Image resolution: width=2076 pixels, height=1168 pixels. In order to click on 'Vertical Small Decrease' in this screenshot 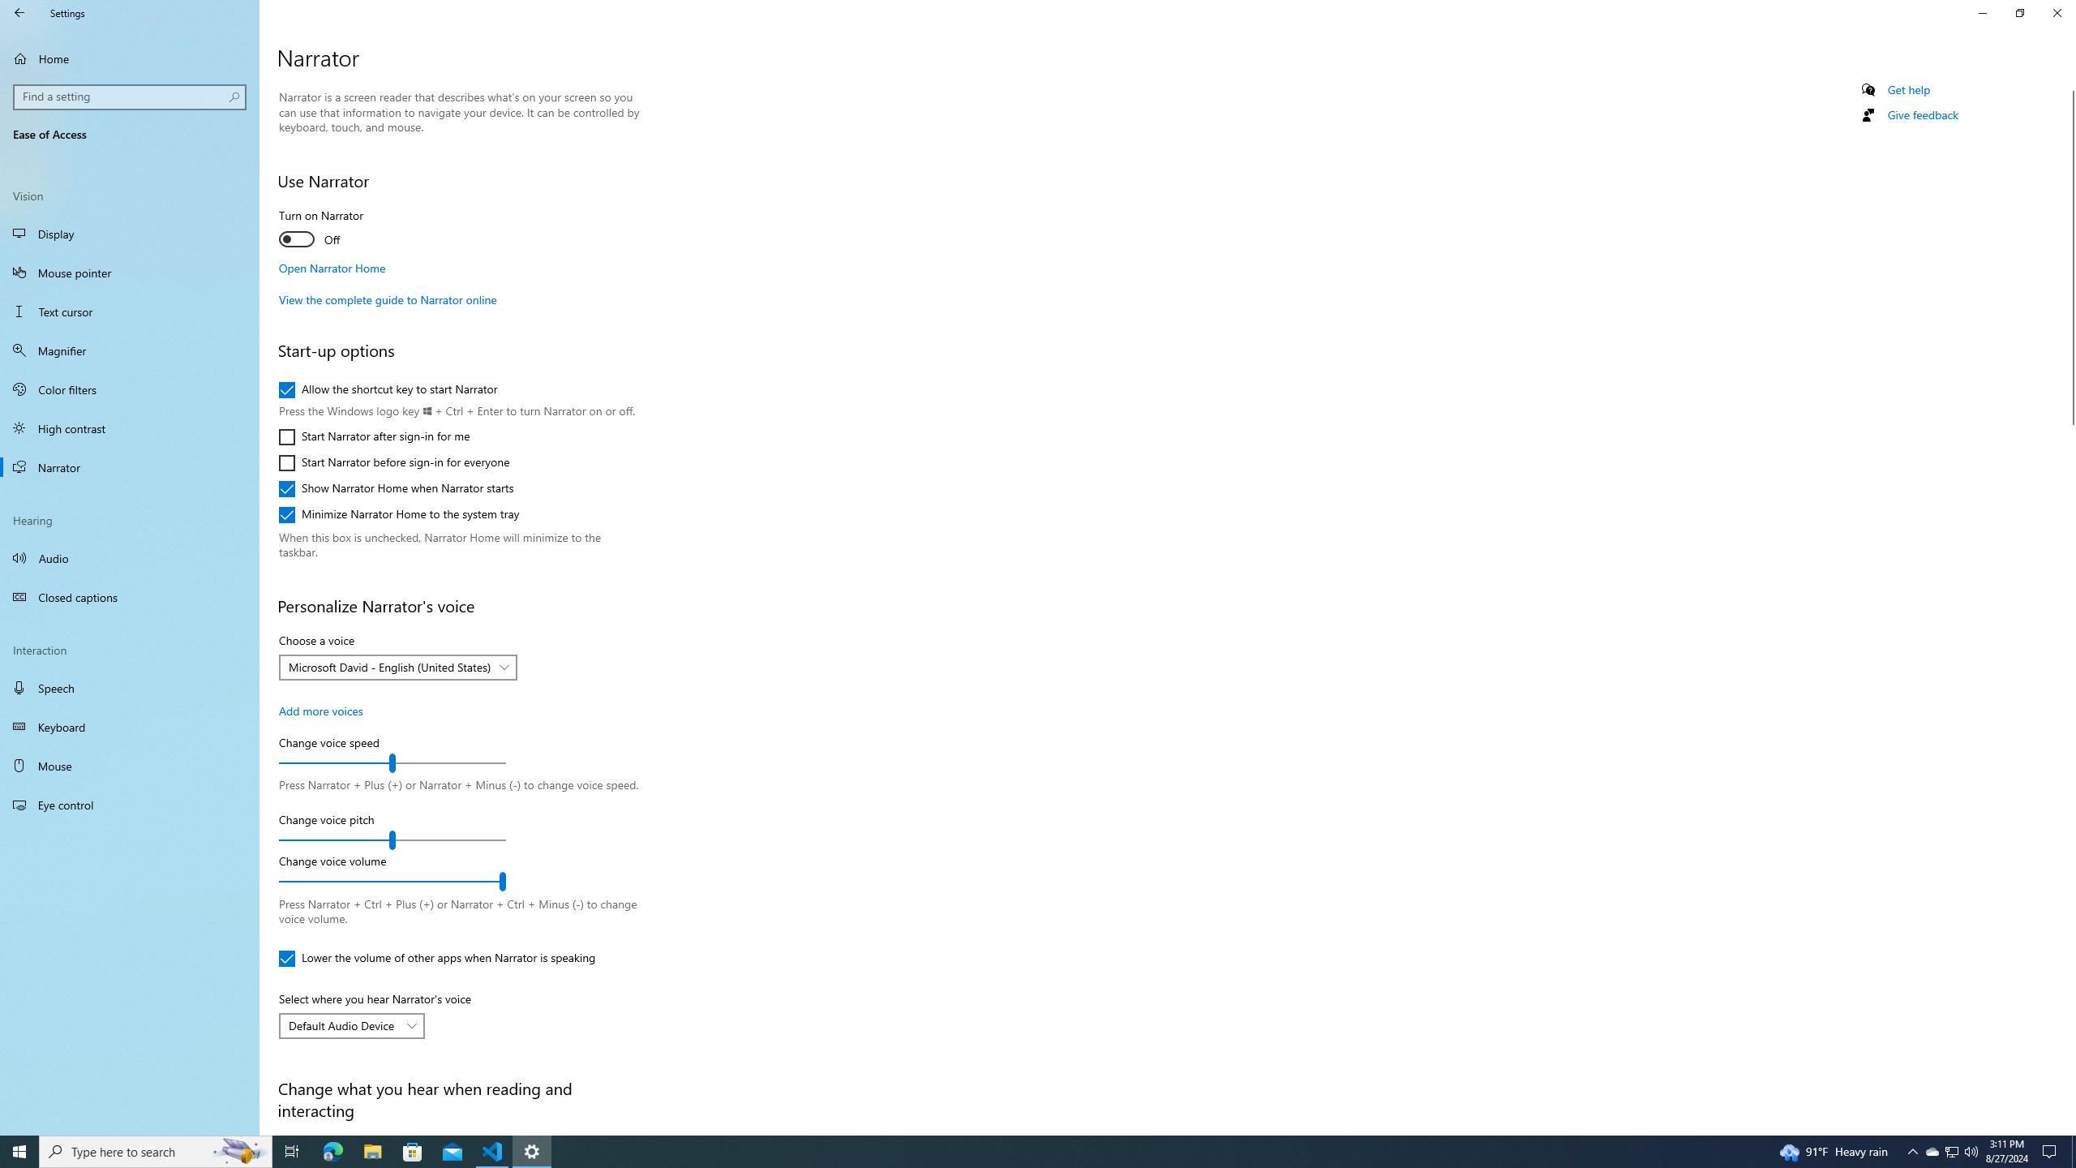, I will do `click(2069, 84)`.